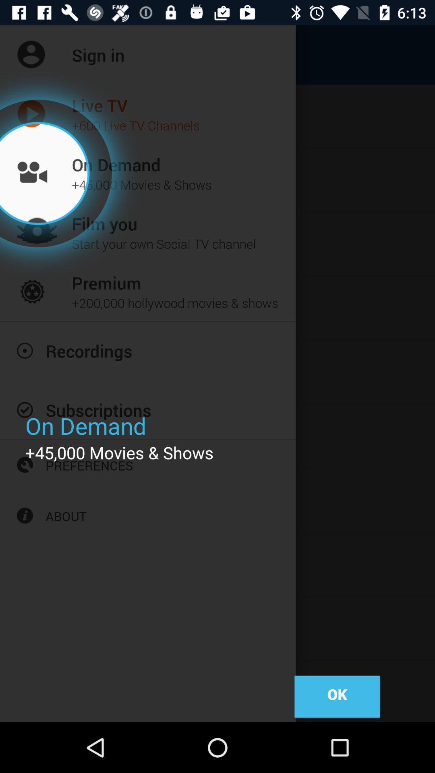 This screenshot has width=435, height=773. I want to click on icon beside recordings, so click(24, 350).